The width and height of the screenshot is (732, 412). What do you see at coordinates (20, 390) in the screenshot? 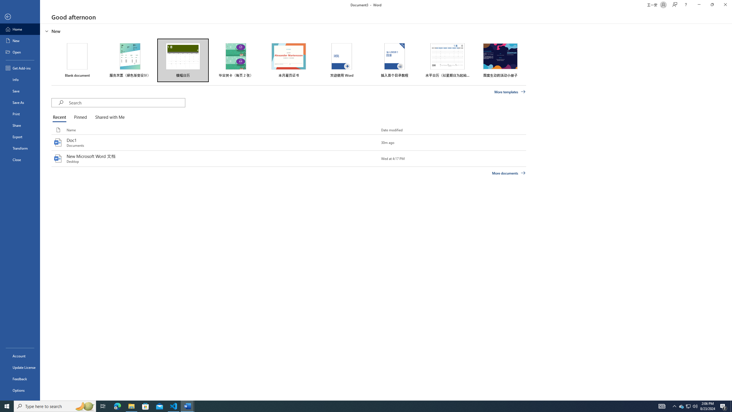
I see `'Options'` at bounding box center [20, 390].